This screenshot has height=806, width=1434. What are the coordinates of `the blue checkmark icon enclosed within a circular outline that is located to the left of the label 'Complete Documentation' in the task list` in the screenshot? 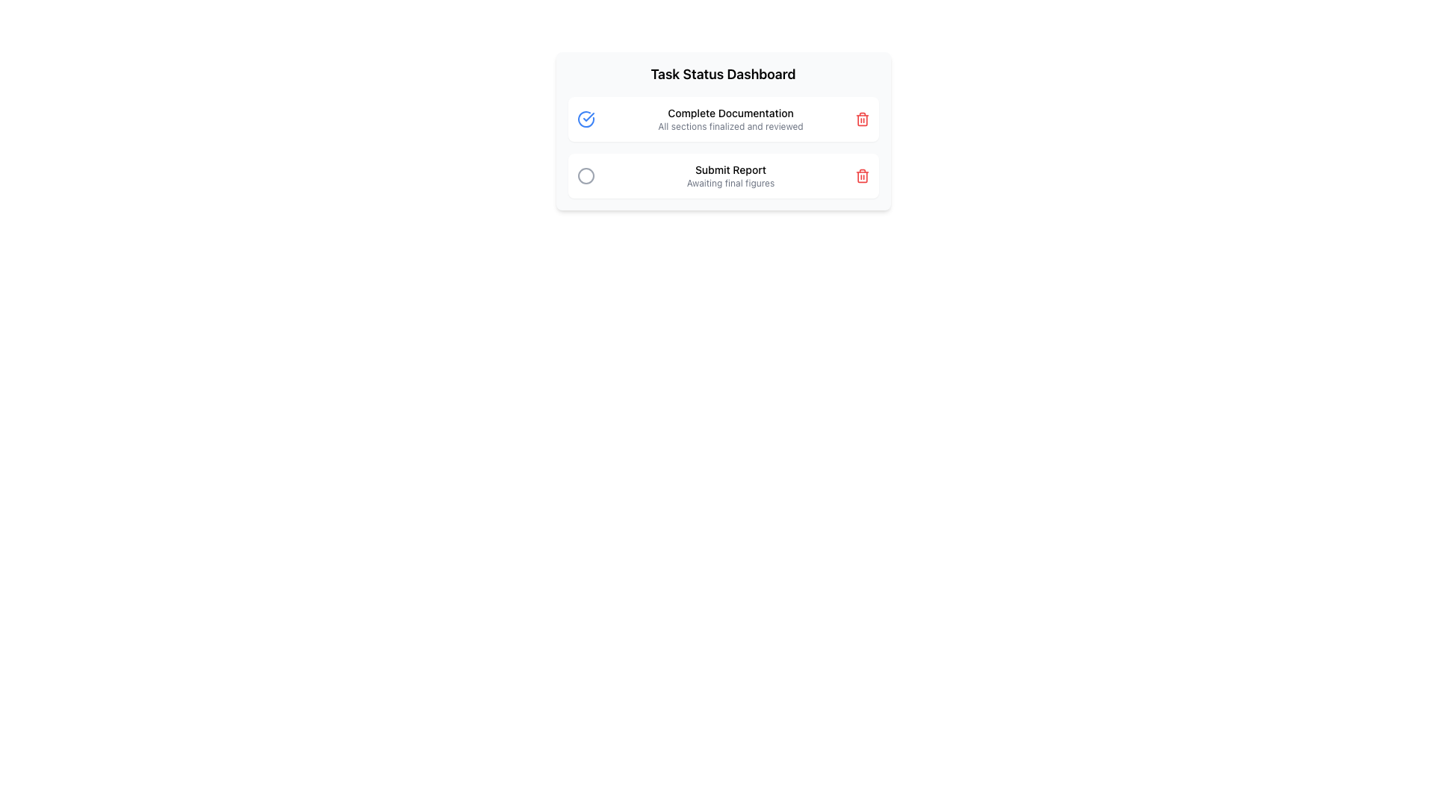 It's located at (585, 118).